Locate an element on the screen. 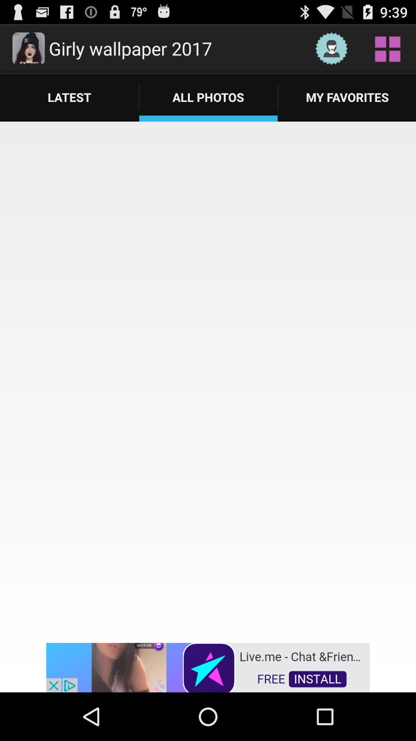 The image size is (416, 741). wallpaper is located at coordinates (387, 48).